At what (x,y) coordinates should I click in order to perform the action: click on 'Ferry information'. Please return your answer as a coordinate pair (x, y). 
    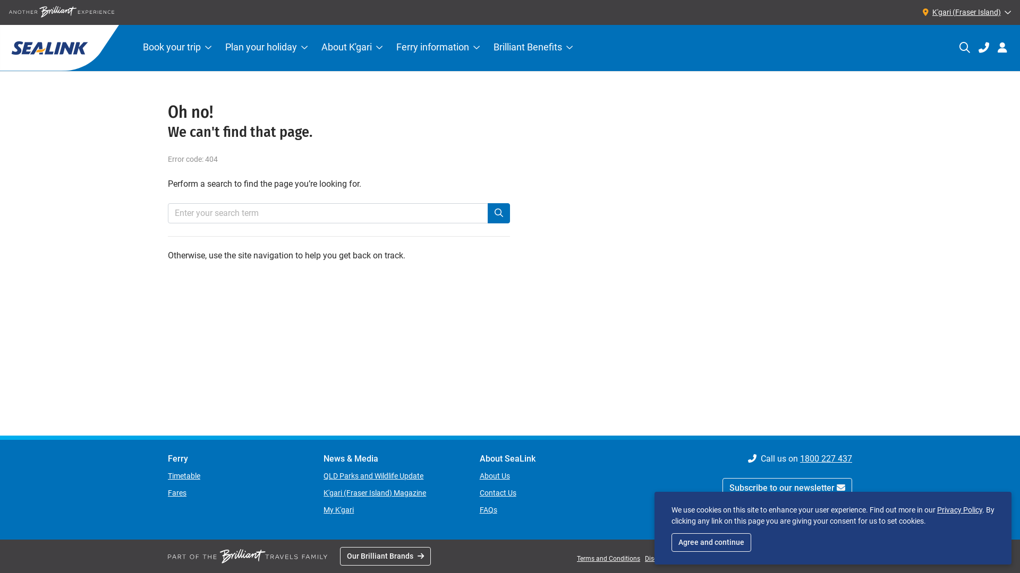
    Looking at the image, I should click on (438, 48).